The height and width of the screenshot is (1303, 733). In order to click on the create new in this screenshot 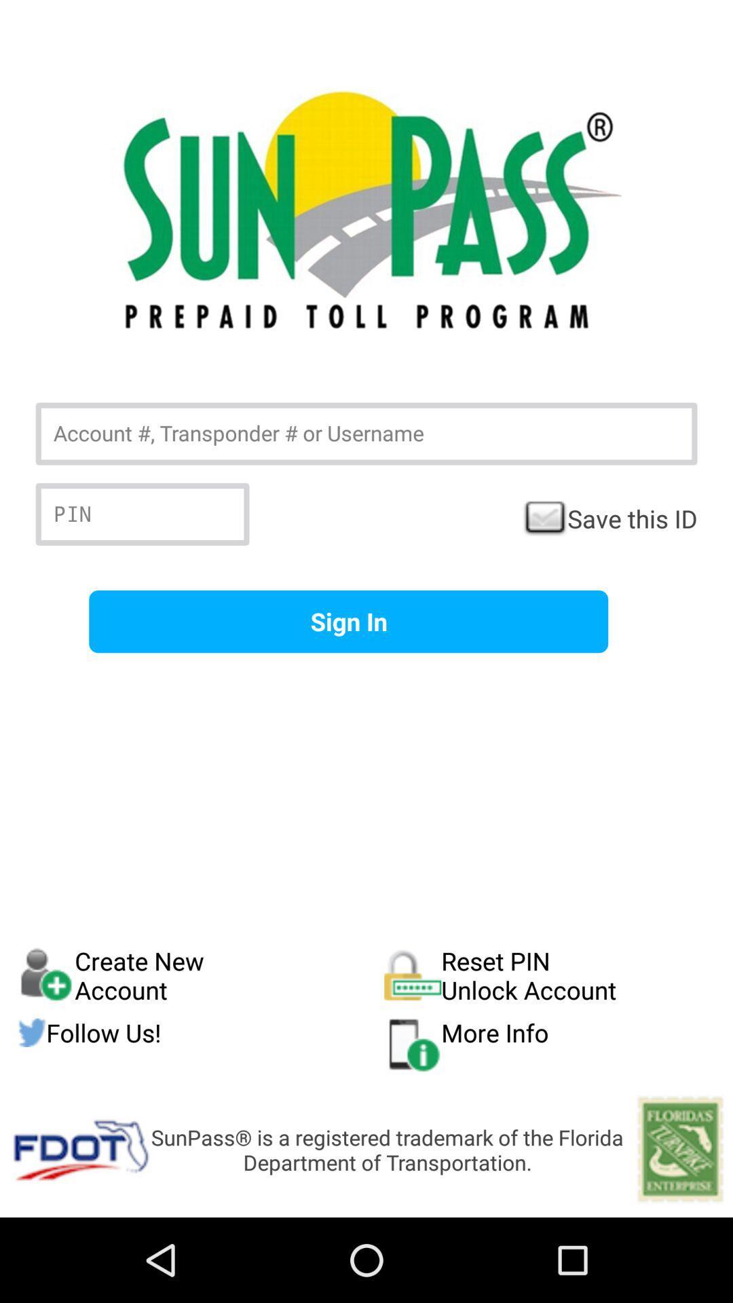, I will do `click(201, 975)`.